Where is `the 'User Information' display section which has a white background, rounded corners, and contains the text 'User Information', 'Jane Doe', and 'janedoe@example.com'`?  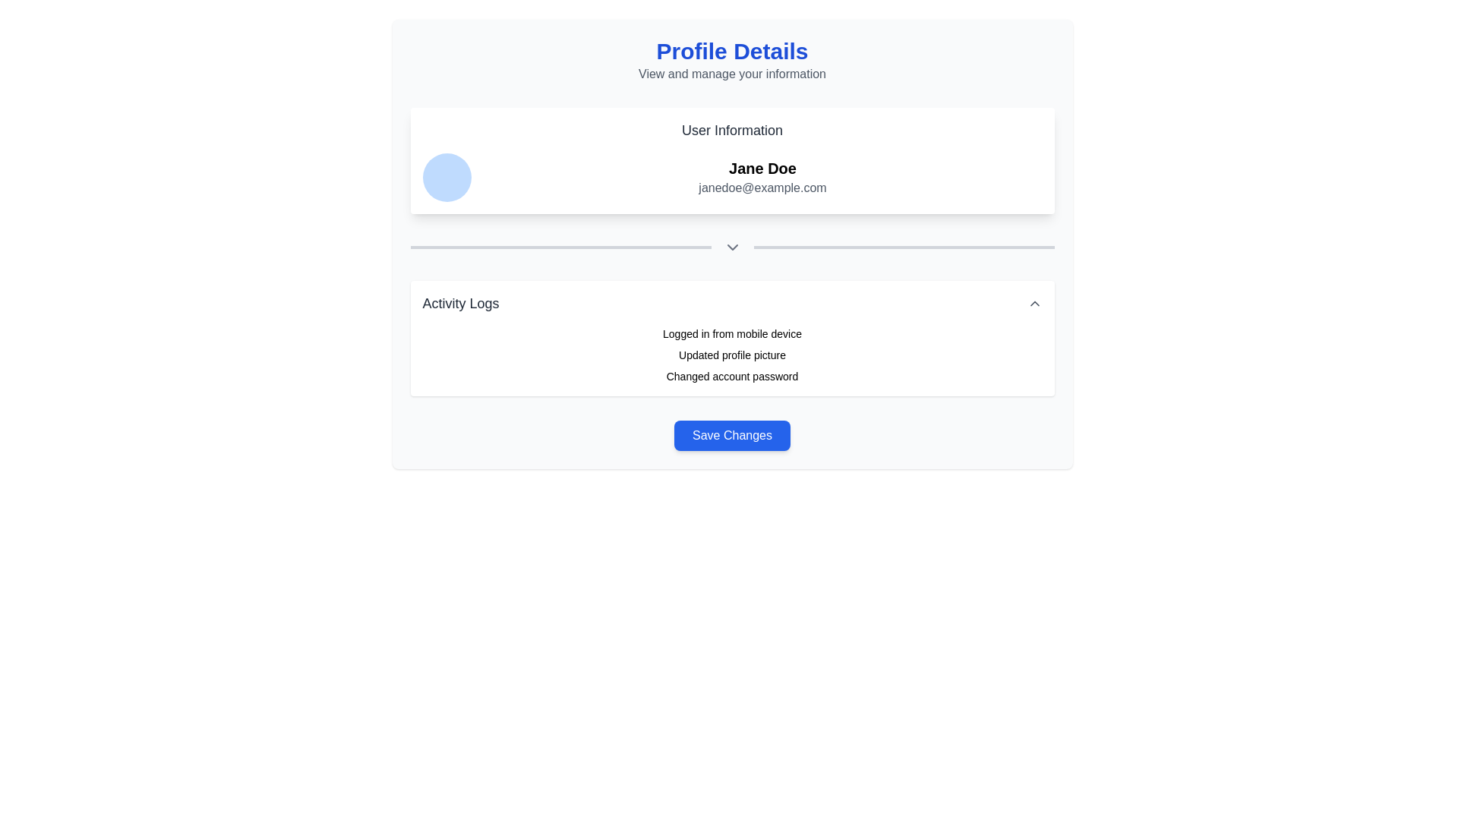
the 'User Information' display section which has a white background, rounded corners, and contains the text 'User Information', 'Jane Doe', and 'janedoe@example.com' is located at coordinates (732, 161).